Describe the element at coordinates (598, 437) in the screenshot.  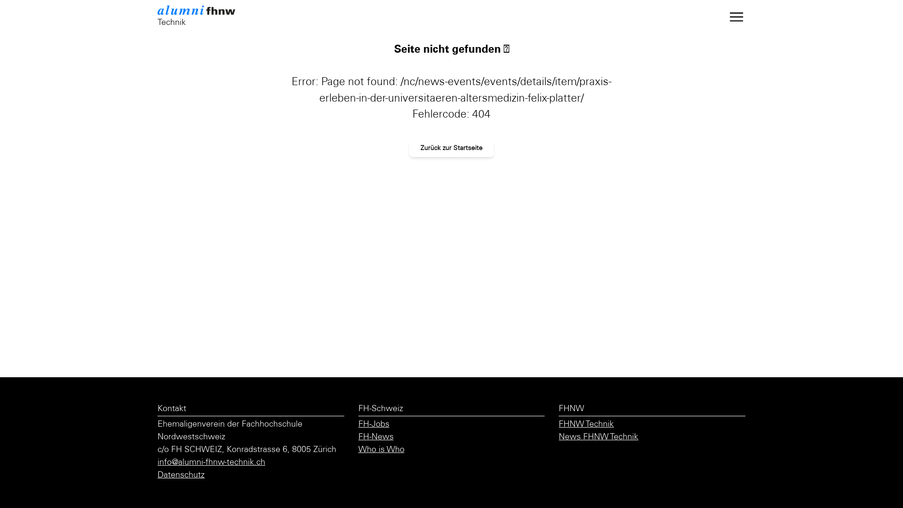
I see `'News FHNW Technik'` at that location.